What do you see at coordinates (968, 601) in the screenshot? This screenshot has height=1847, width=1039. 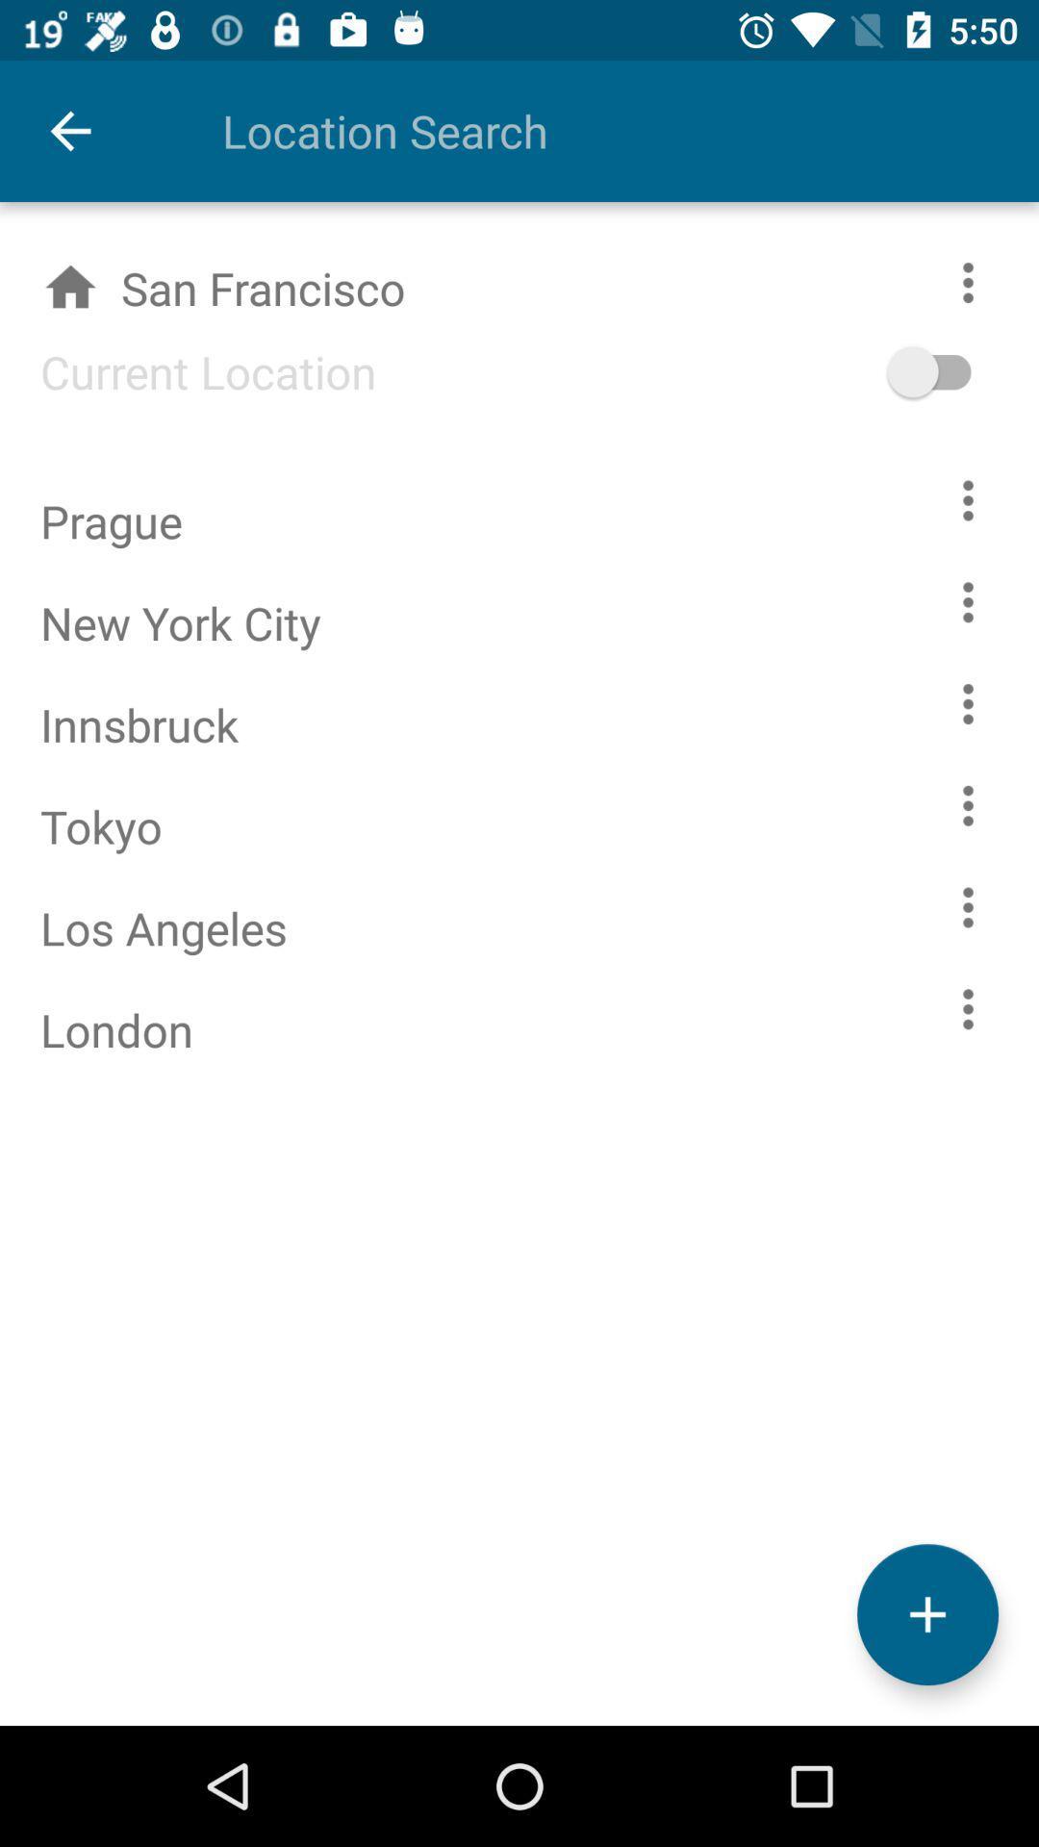 I see `more options` at bounding box center [968, 601].